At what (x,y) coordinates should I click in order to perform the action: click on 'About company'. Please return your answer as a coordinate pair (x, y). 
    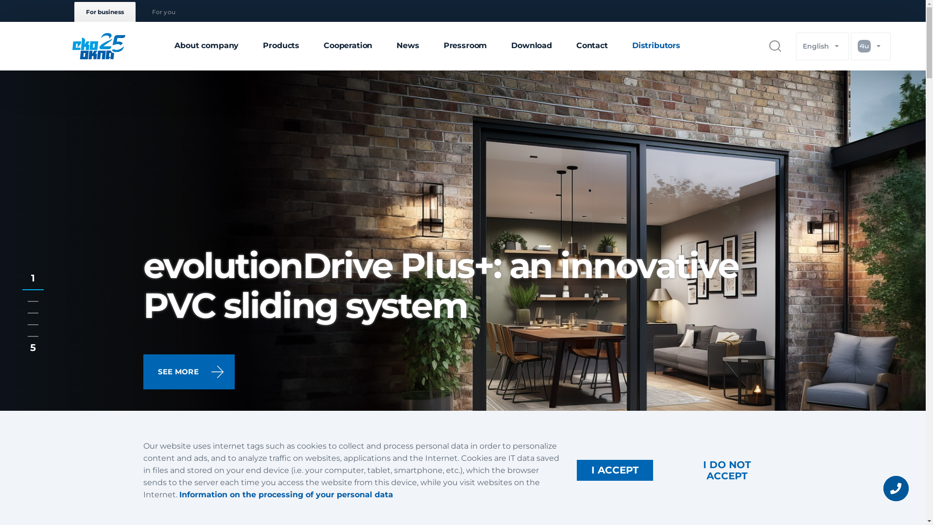
    Looking at the image, I should click on (206, 46).